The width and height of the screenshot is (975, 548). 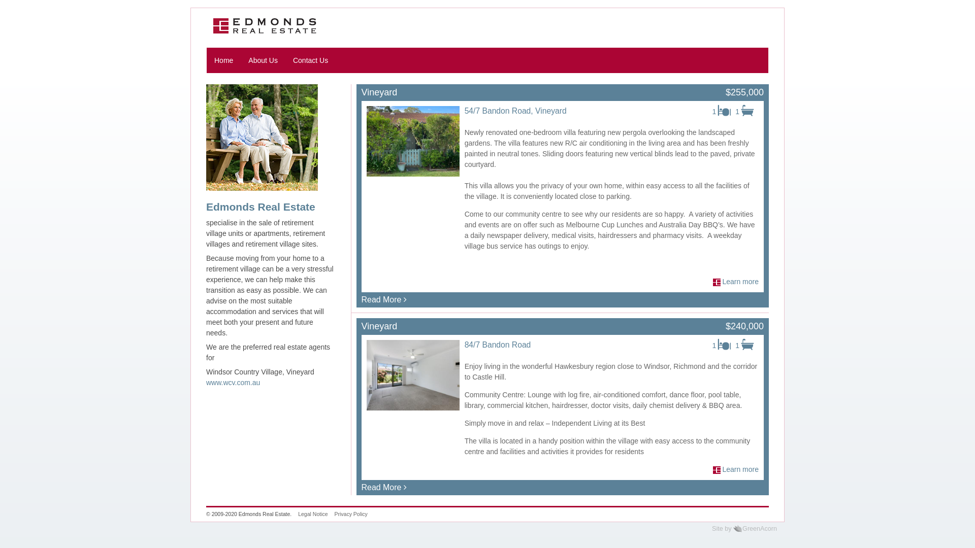 What do you see at coordinates (721, 282) in the screenshot?
I see `'Learn more'` at bounding box center [721, 282].